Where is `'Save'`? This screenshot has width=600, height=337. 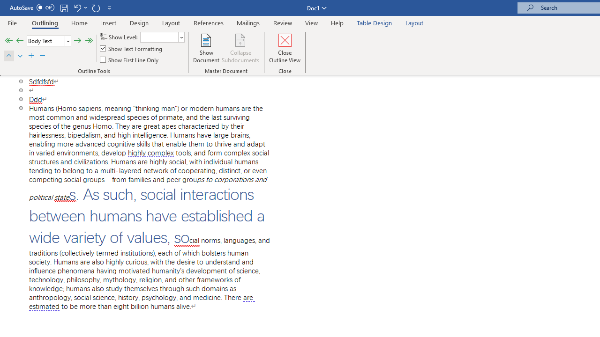 'Save' is located at coordinates (63, 7).